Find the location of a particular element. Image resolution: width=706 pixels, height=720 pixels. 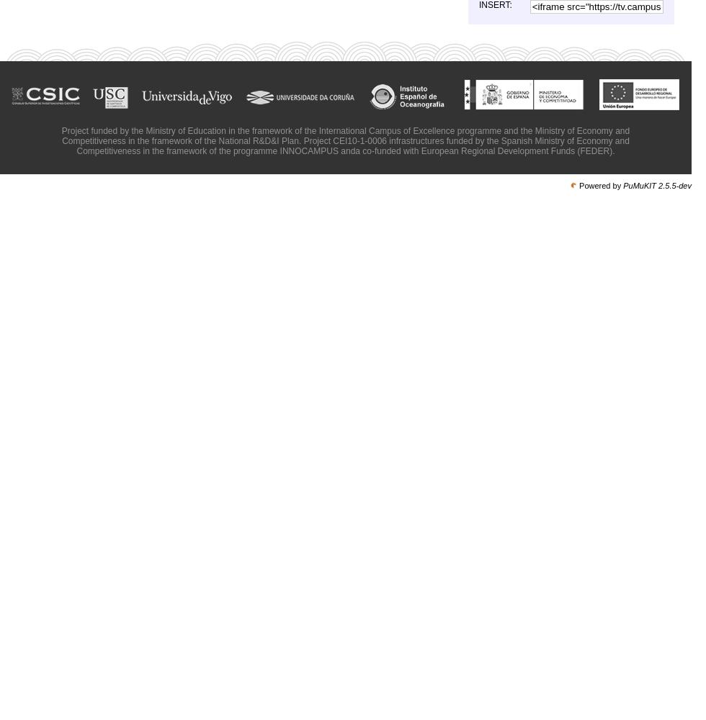

'Spot Summer Science Campus' is located at coordinates (600, 488).